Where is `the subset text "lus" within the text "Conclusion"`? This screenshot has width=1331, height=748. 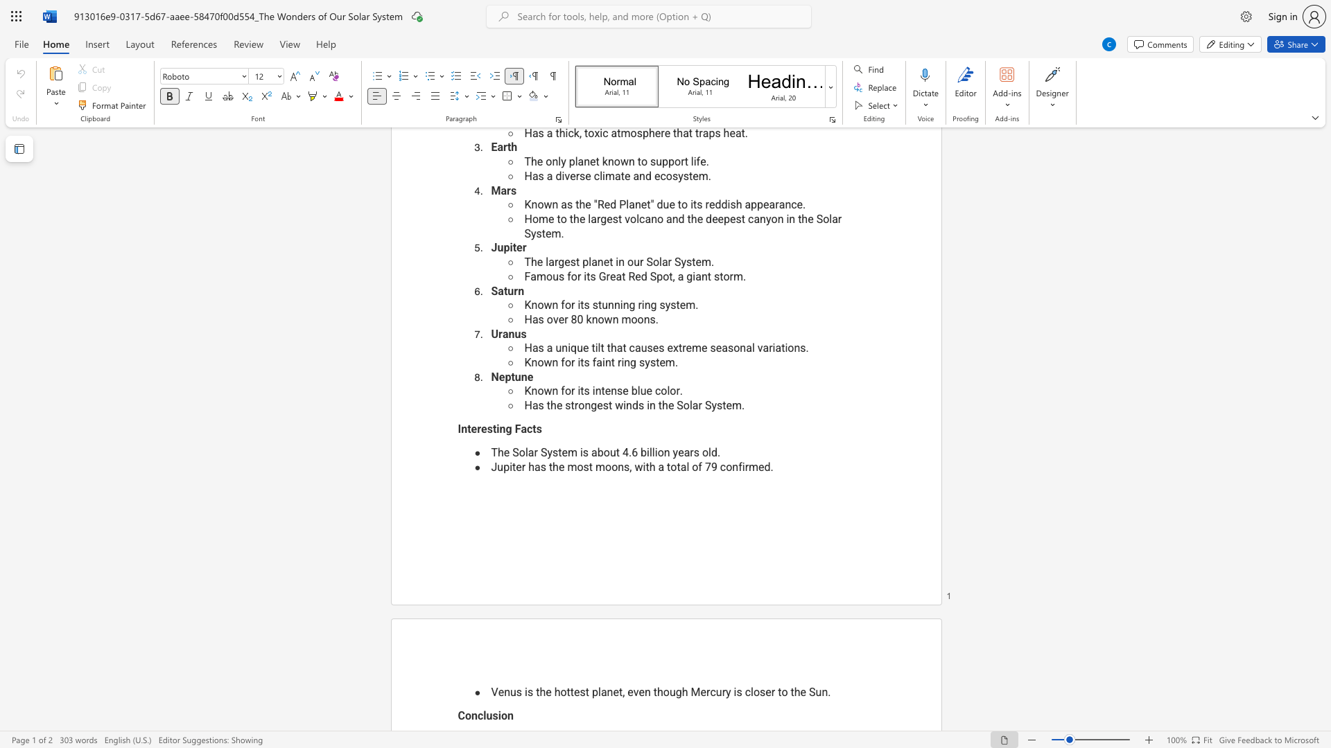 the subset text "lus" within the text "Conclusion" is located at coordinates (483, 715).